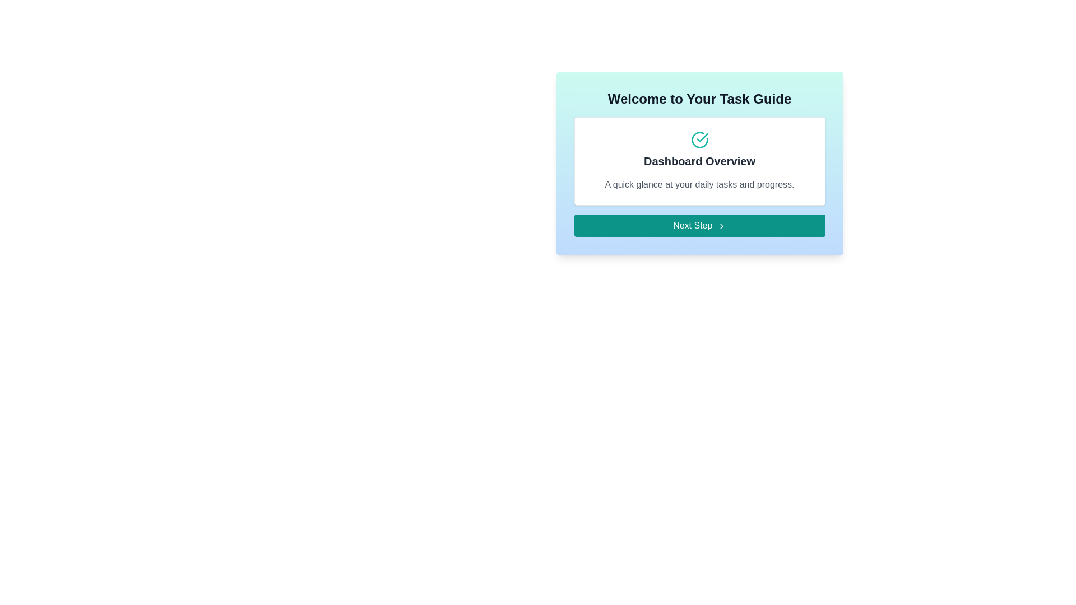 The width and height of the screenshot is (1076, 605). Describe the element at coordinates (721, 226) in the screenshot. I see `the right-pointing chevron icon located at the far right edge of the teal button labeled 'Next Step'` at that location.